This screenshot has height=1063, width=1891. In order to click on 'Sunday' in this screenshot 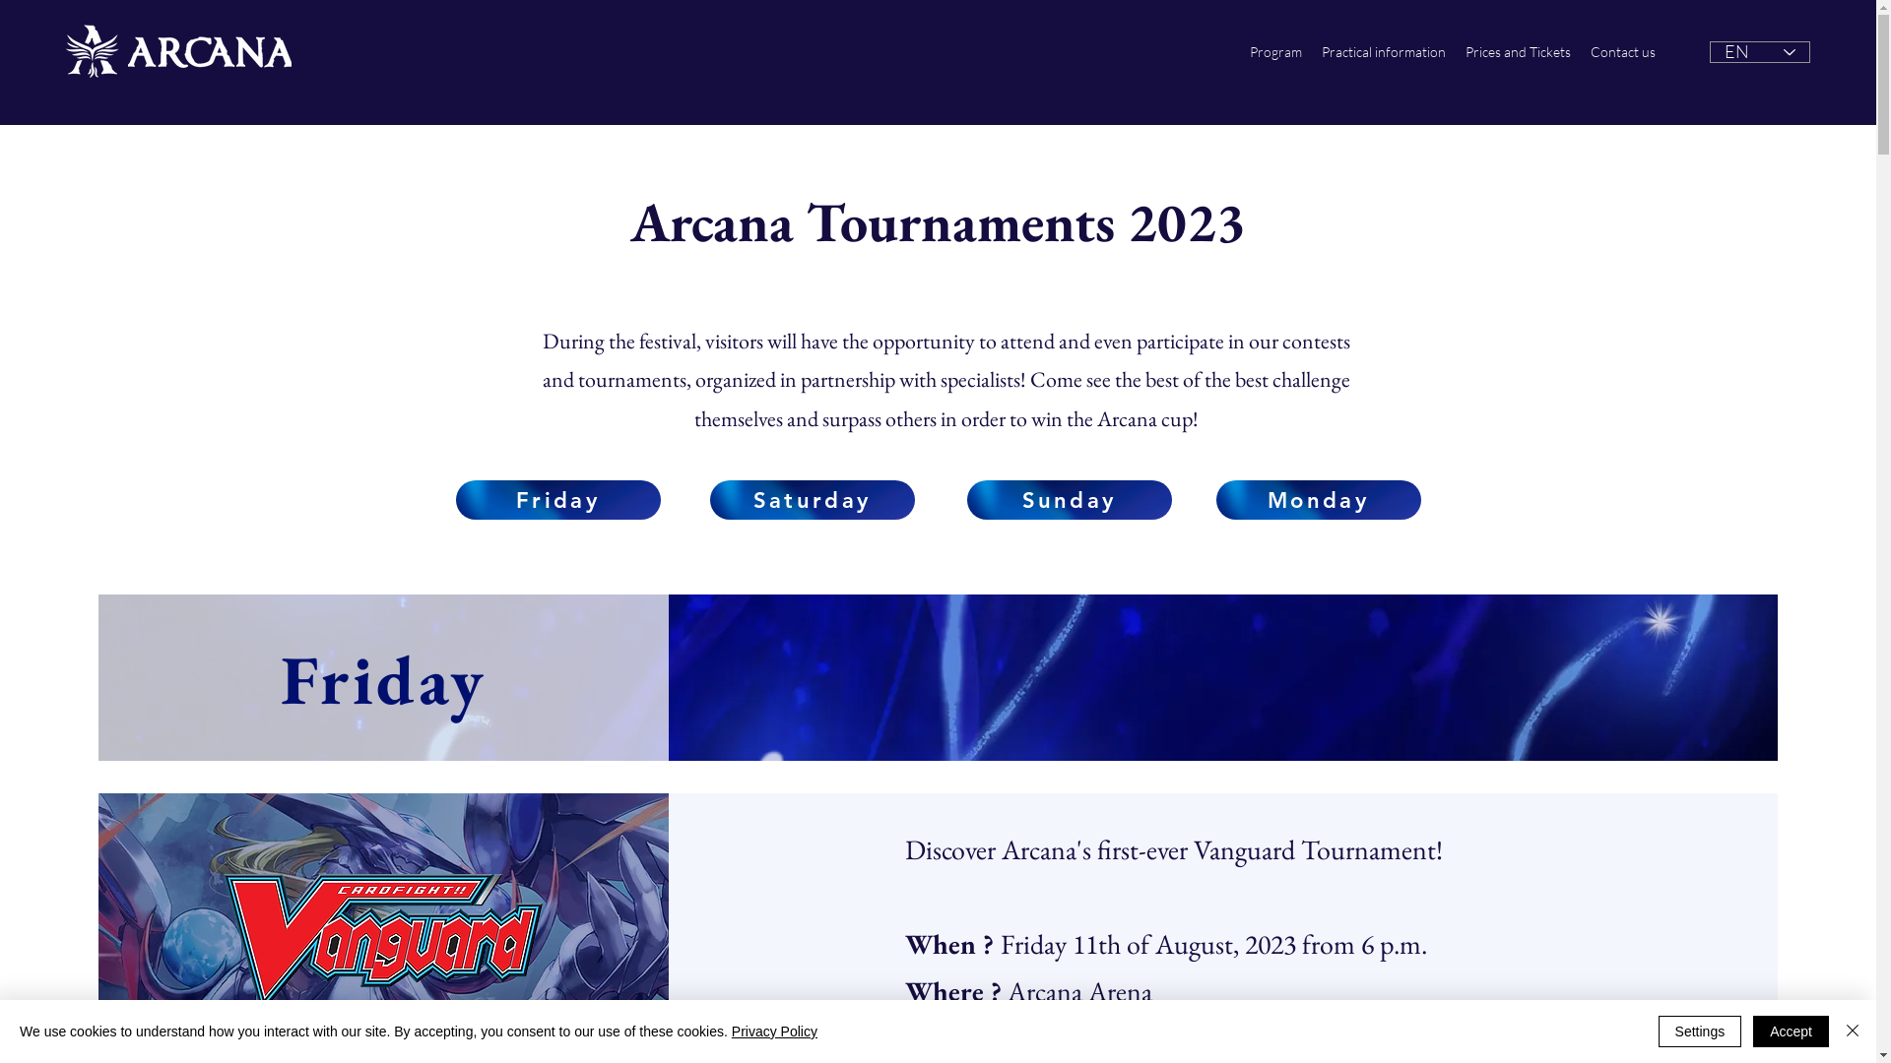, I will do `click(967, 499)`.